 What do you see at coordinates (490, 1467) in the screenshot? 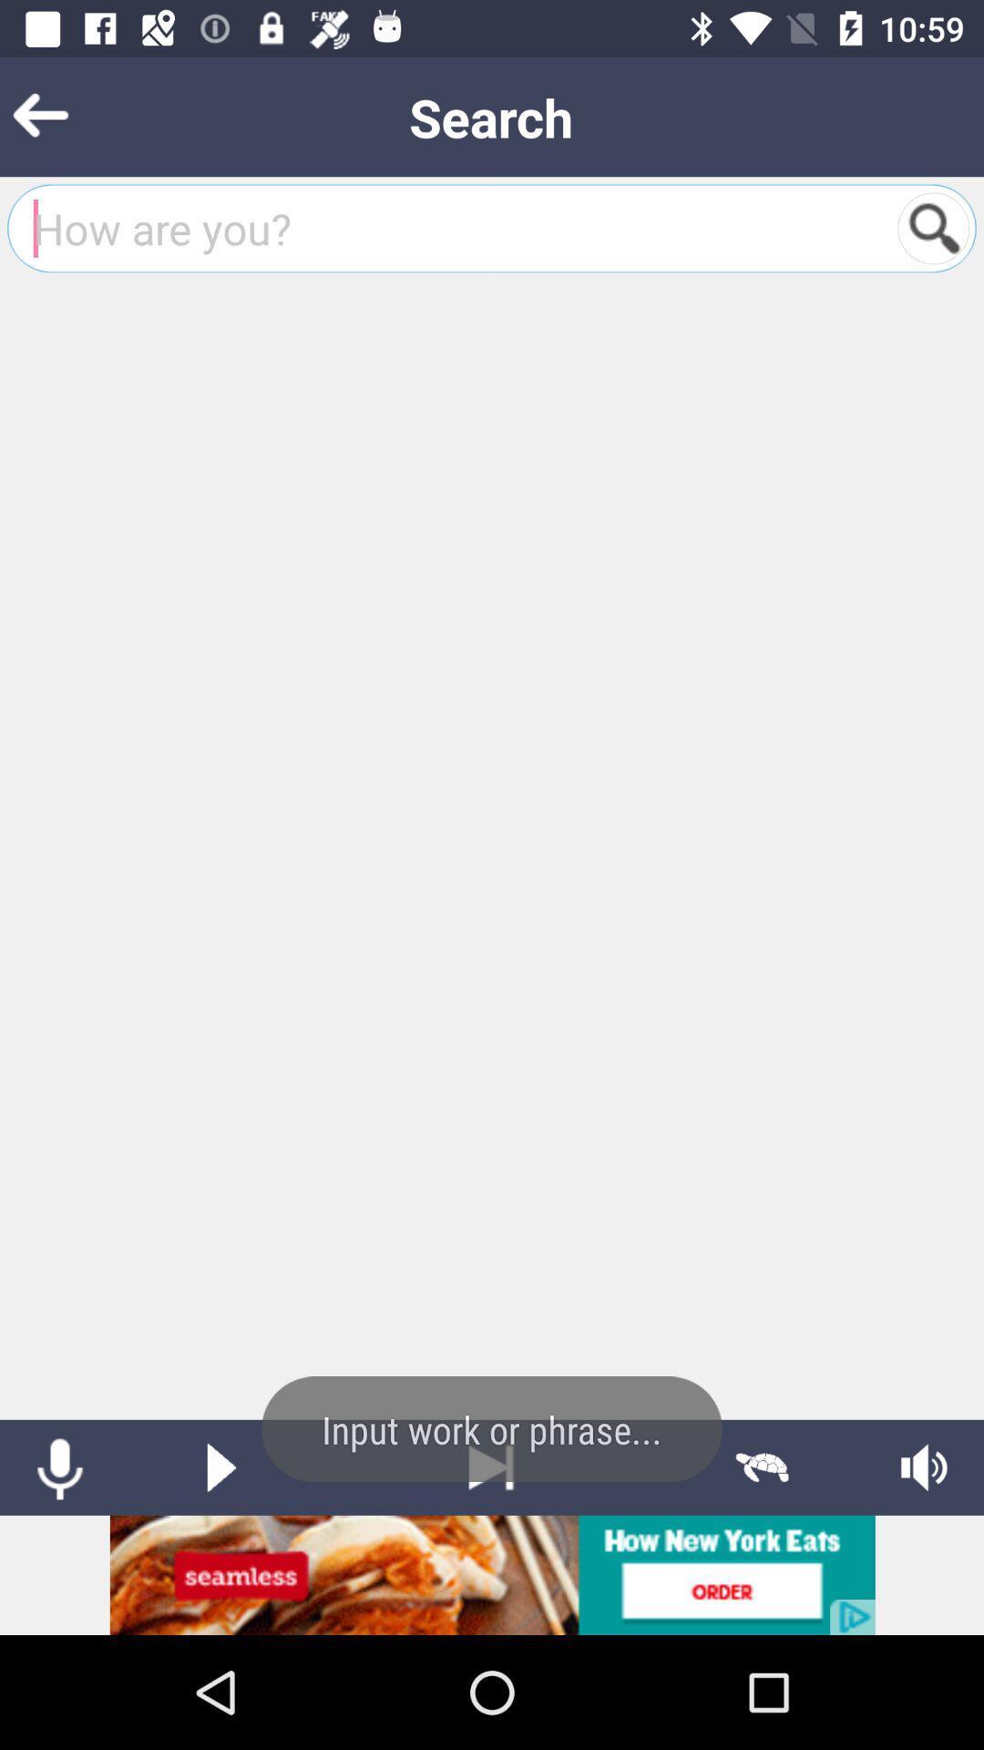
I see `skip to next` at bounding box center [490, 1467].